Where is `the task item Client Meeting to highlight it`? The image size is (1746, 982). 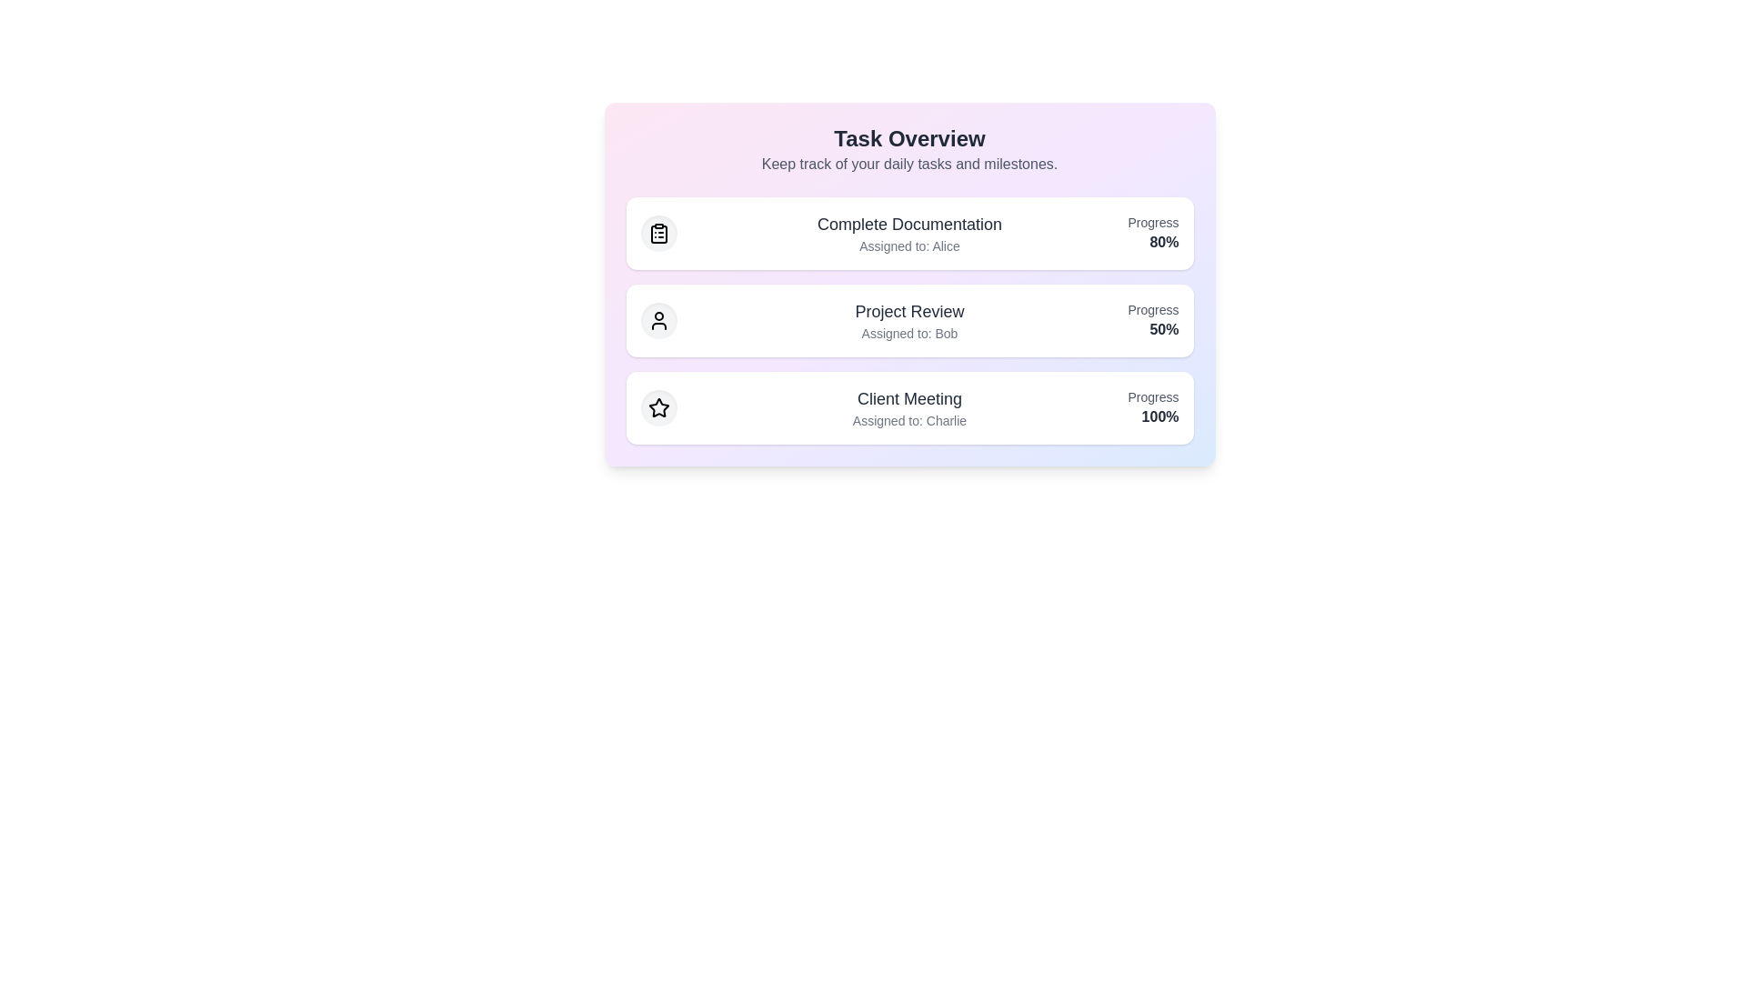 the task item Client Meeting to highlight it is located at coordinates (909, 406).